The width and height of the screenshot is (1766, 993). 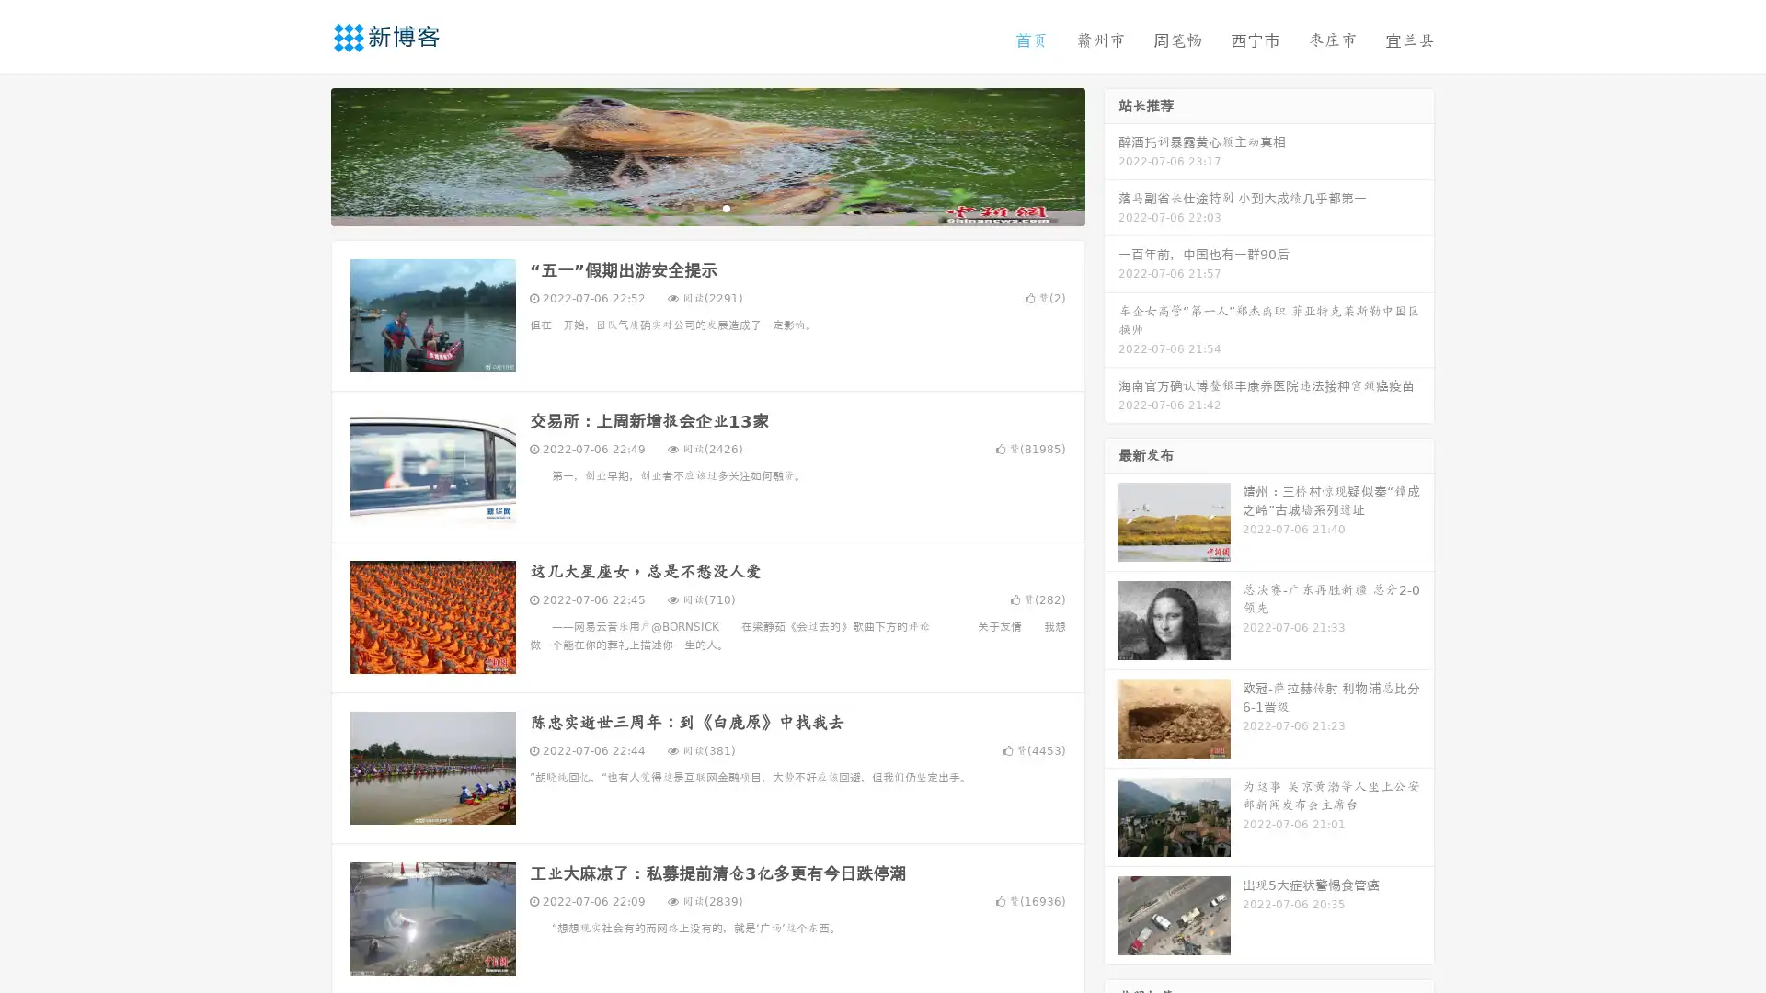 What do you see at coordinates (726, 207) in the screenshot?
I see `Go to slide 3` at bounding box center [726, 207].